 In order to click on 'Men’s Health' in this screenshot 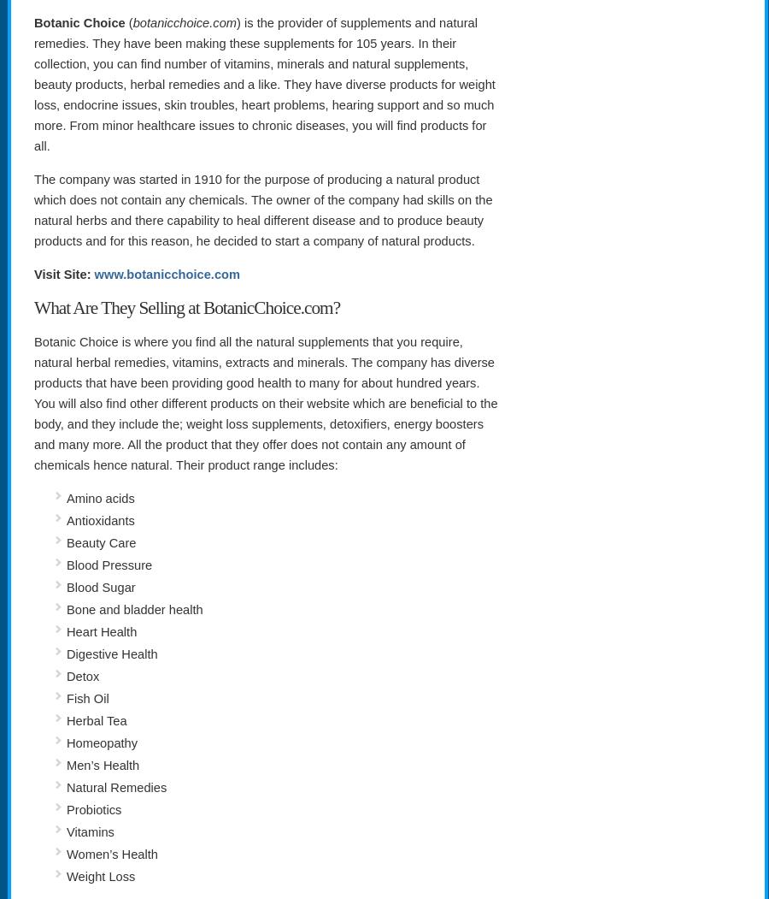, I will do `click(103, 766)`.